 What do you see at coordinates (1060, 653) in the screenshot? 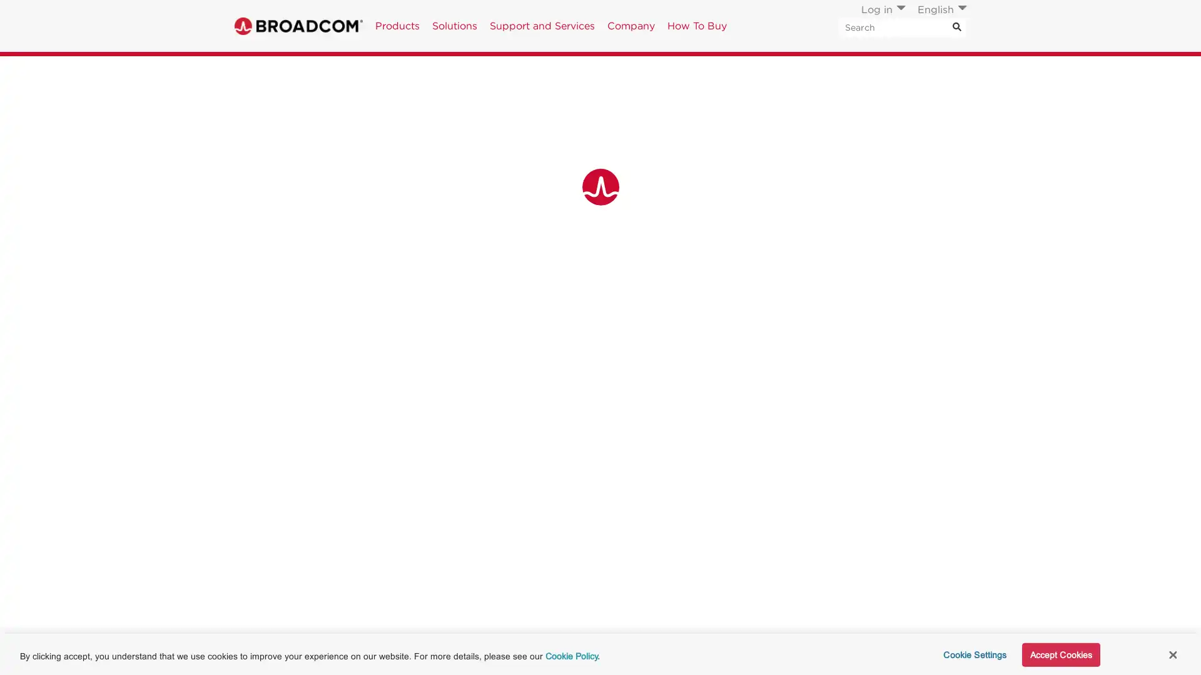
I see `Accept Cookies` at bounding box center [1060, 653].